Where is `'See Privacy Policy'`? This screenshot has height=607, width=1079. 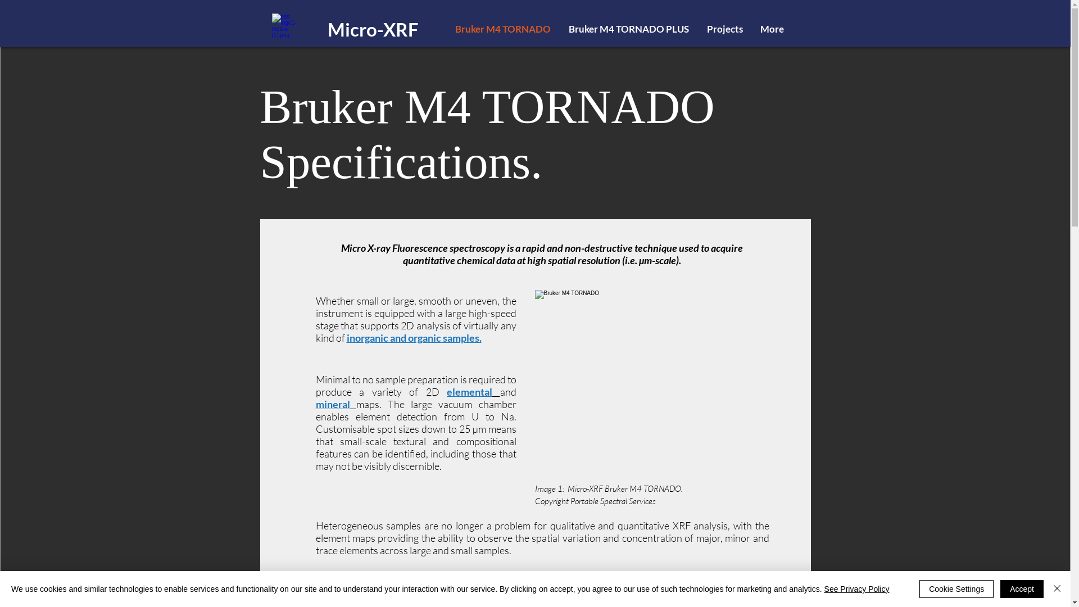
'See Privacy Policy' is located at coordinates (856, 588).